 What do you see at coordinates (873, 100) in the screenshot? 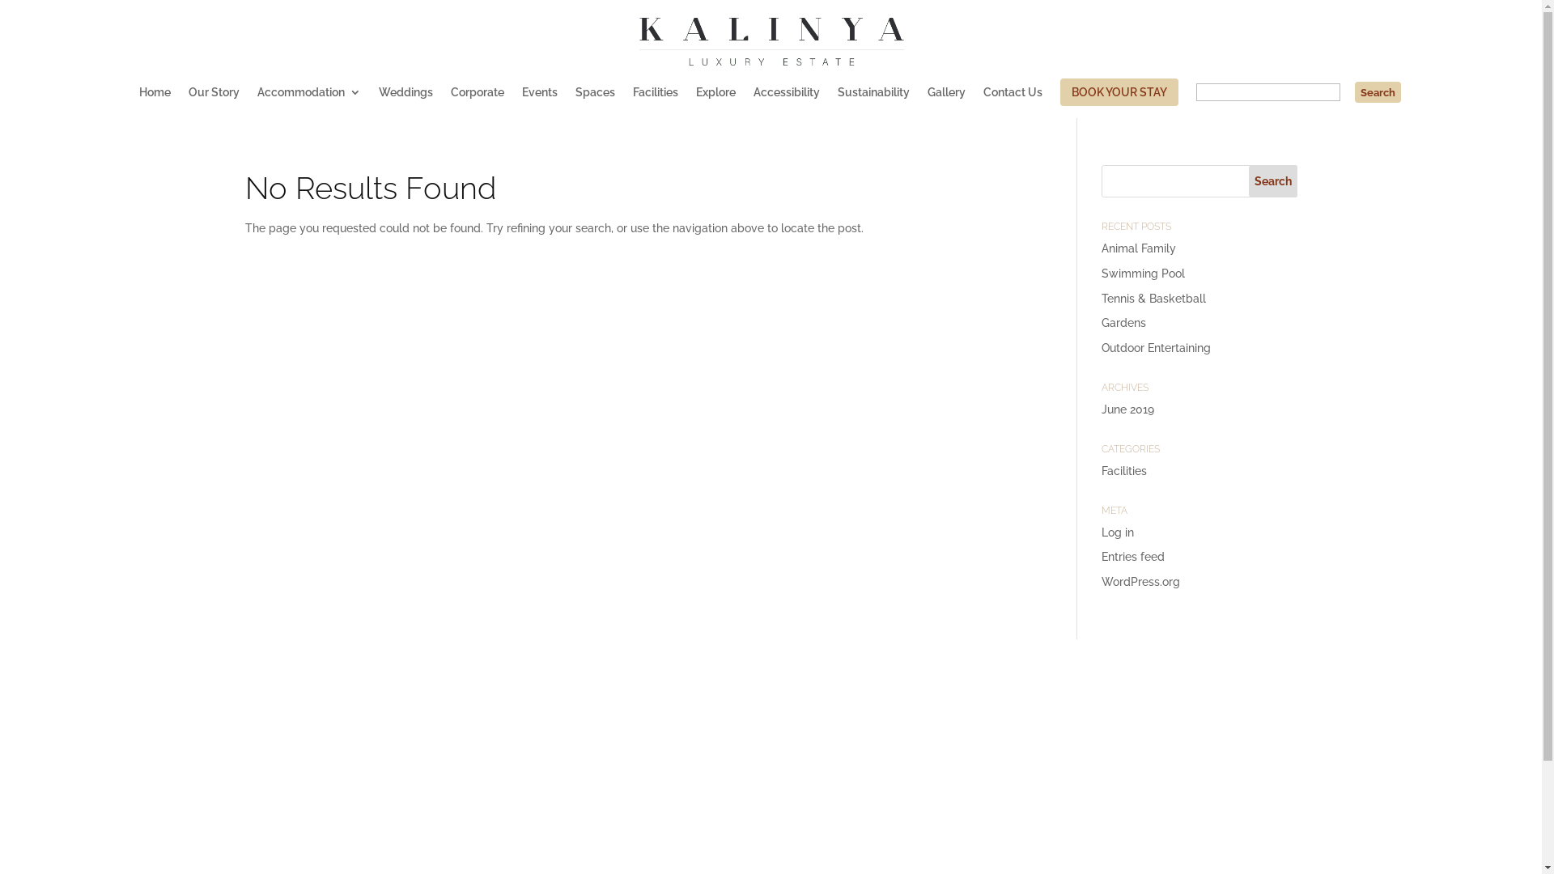
I see `'Sustainability'` at bounding box center [873, 100].